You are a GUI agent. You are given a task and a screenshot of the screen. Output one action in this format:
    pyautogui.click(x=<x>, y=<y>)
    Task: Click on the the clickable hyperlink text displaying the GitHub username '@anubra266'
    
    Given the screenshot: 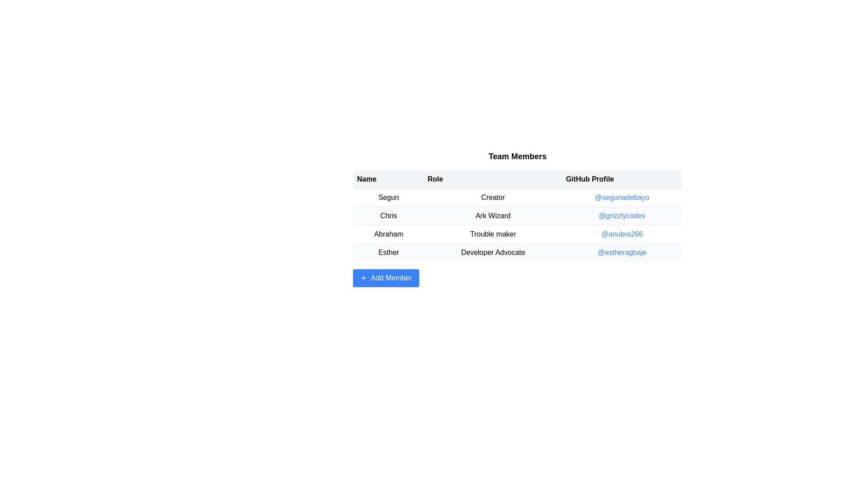 What is the action you would take?
    pyautogui.click(x=621, y=234)
    